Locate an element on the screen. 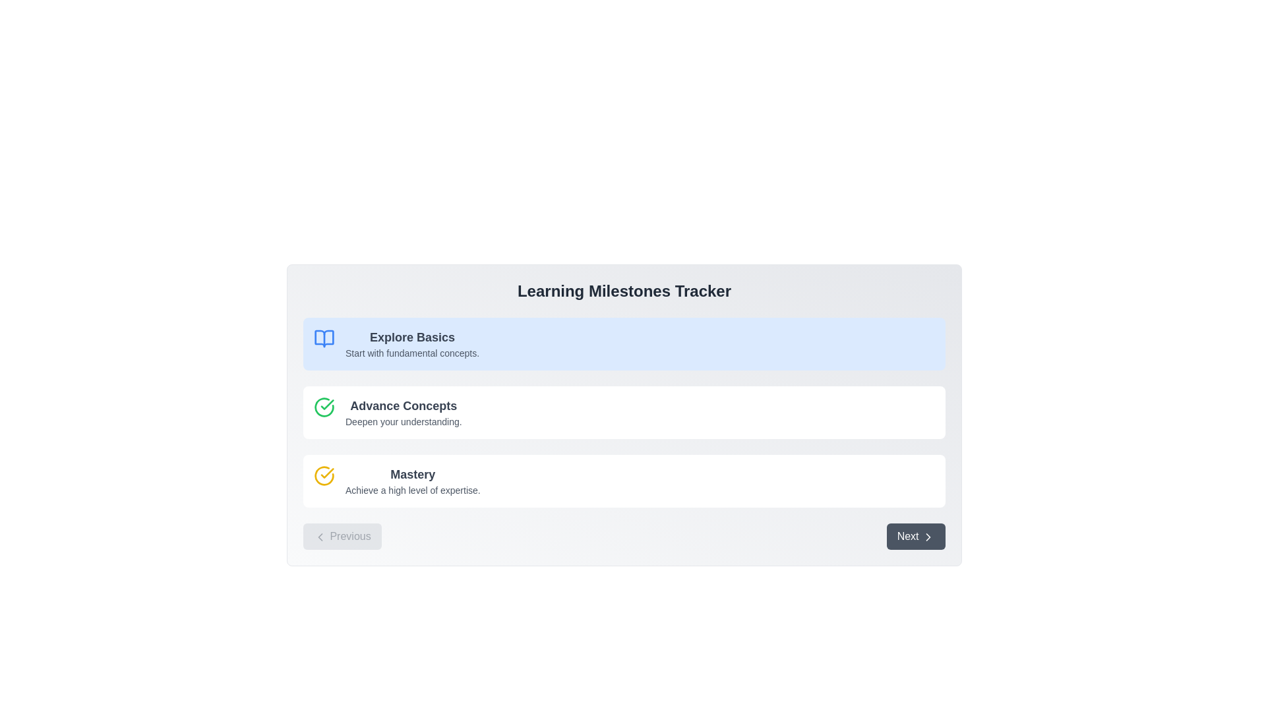 This screenshot has height=712, width=1266. the text element that contains 'Start with fundamental concepts.' which is styled in small gray font and located beneath 'Explore Basics.' is located at coordinates (411, 353).